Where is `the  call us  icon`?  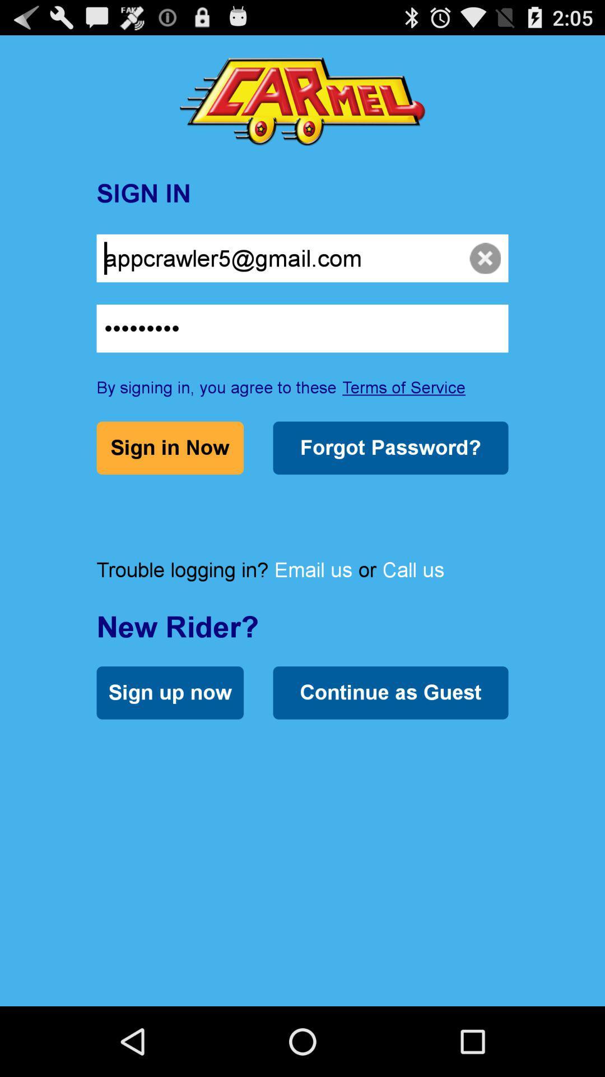 the  call us  icon is located at coordinates (413, 569).